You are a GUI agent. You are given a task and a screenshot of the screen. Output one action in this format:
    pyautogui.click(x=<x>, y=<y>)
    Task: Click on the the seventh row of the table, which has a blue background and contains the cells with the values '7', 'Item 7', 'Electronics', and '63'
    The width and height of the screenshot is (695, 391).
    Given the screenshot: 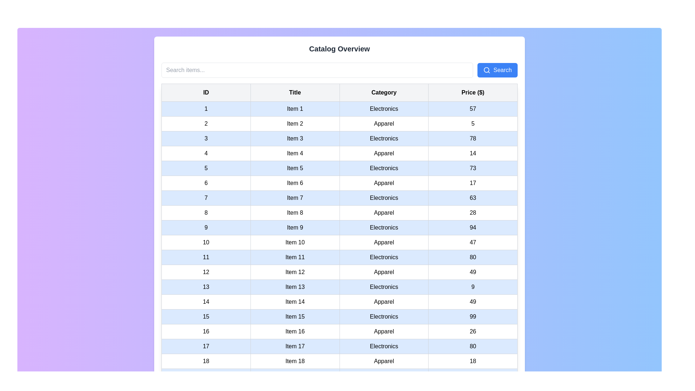 What is the action you would take?
    pyautogui.click(x=339, y=198)
    